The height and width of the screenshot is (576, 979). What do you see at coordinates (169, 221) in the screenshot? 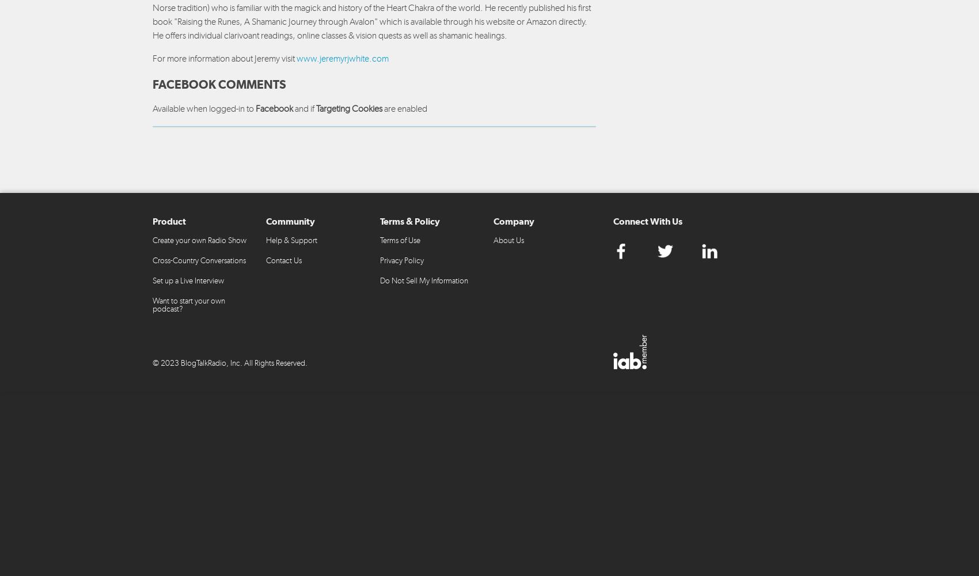
I see `'Product'` at bounding box center [169, 221].